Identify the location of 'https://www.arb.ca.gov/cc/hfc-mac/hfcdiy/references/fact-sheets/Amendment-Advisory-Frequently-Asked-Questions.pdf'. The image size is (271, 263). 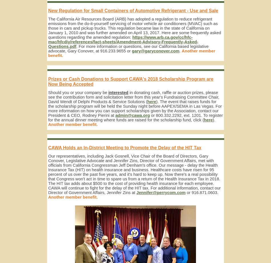
(123, 42).